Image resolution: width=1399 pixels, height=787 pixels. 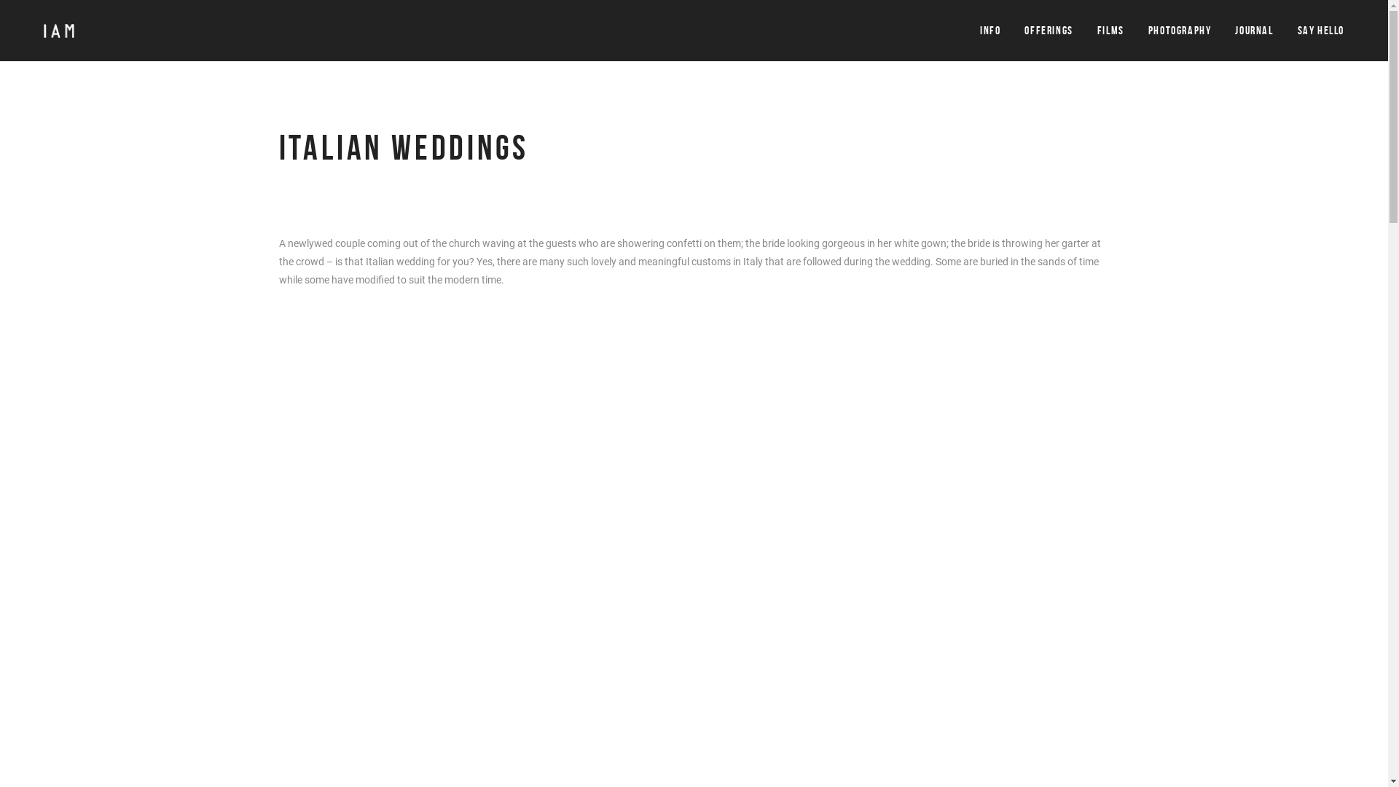 I want to click on 'In A Maze Wedding Filmmaker and Wedding Photographer', so click(x=293, y=531).